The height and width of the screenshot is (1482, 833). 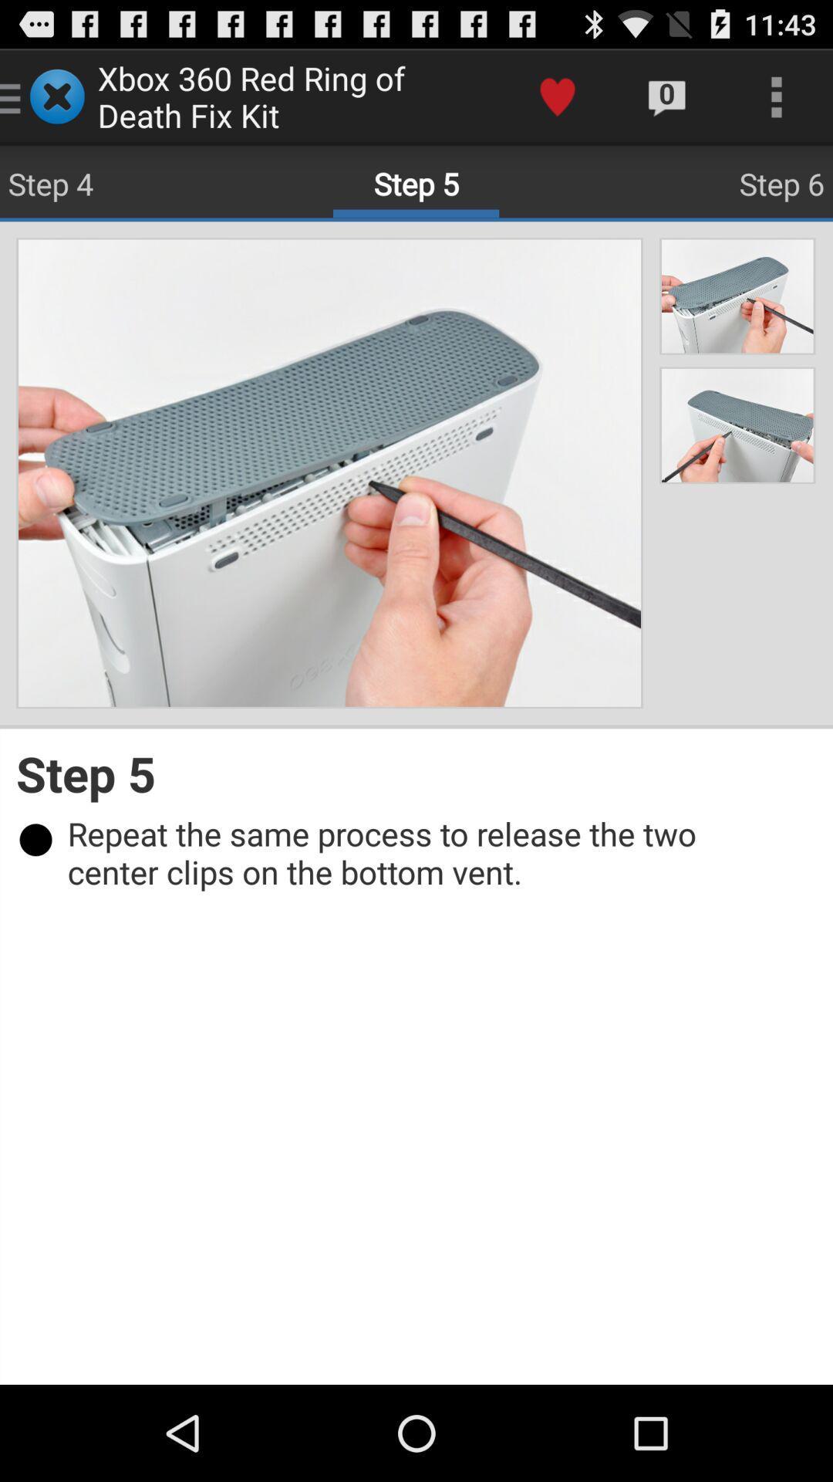 I want to click on app to the right of xbox 360 red item, so click(x=557, y=96).